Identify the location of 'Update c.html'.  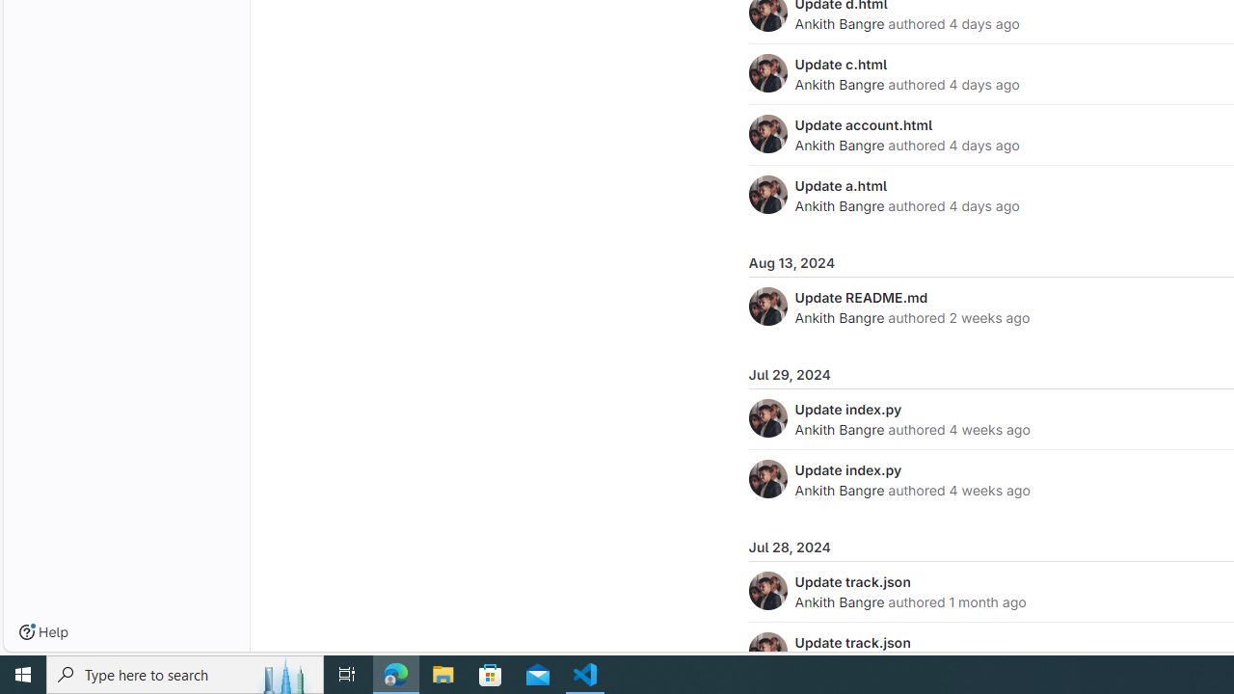
(841, 63).